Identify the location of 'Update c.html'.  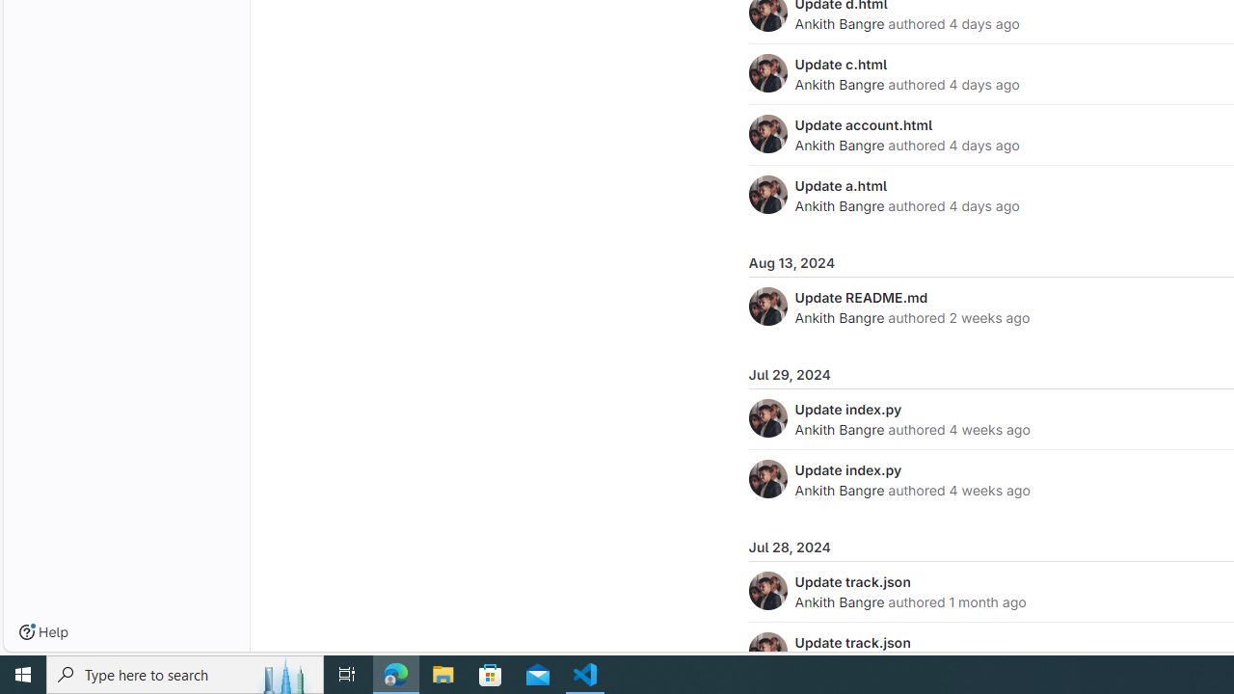
(841, 63).